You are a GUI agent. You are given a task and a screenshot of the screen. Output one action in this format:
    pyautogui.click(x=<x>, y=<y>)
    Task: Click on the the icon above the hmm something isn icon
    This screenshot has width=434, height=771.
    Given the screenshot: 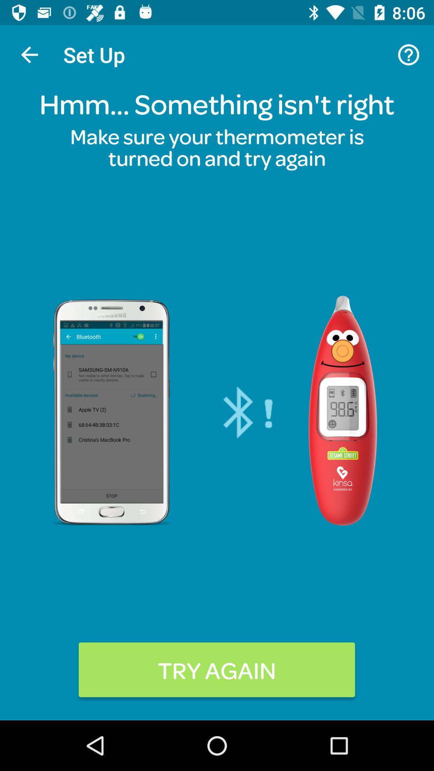 What is the action you would take?
    pyautogui.click(x=409, y=54)
    